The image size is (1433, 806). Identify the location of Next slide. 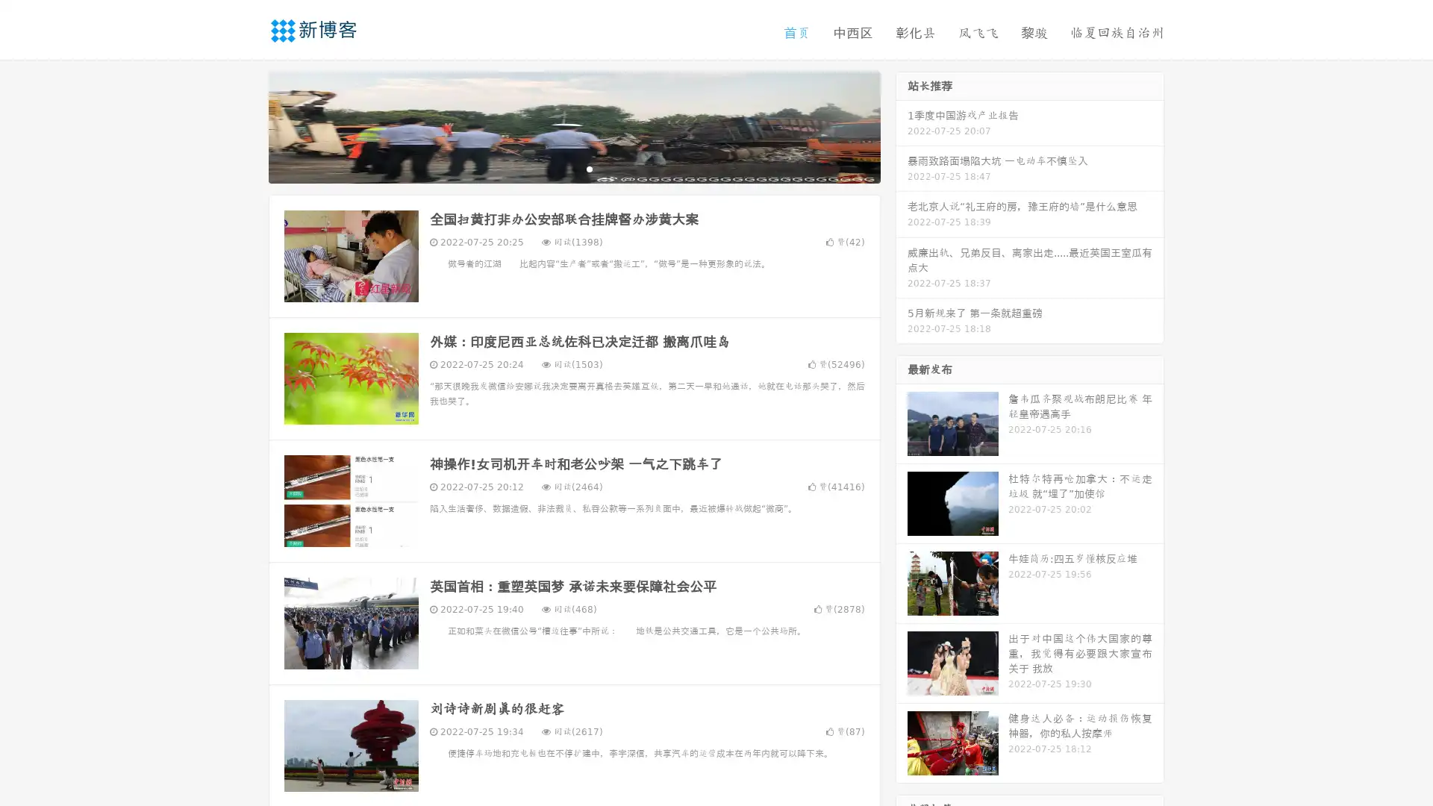
(902, 125).